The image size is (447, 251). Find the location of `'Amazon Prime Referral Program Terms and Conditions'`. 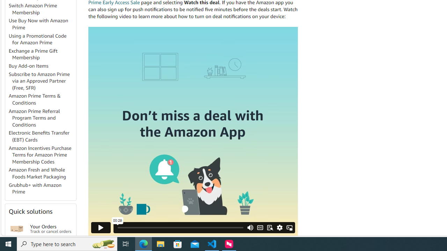

'Amazon Prime Referral Program Terms and Conditions' is located at coordinates (34, 117).